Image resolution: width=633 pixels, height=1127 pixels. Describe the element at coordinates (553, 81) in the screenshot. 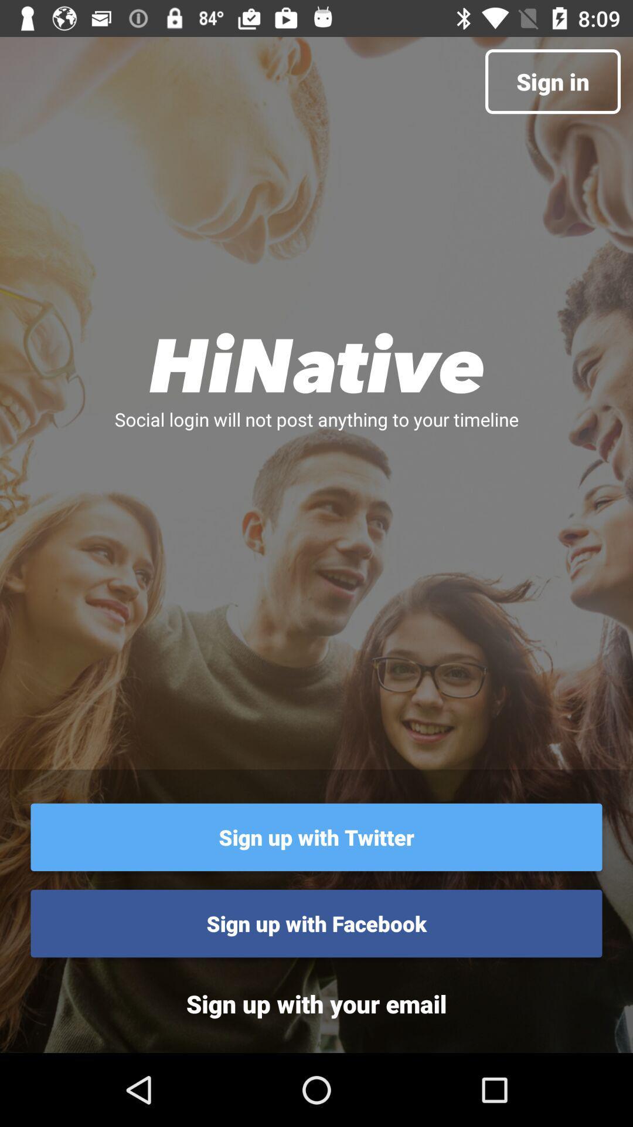

I see `sign in icon` at that location.